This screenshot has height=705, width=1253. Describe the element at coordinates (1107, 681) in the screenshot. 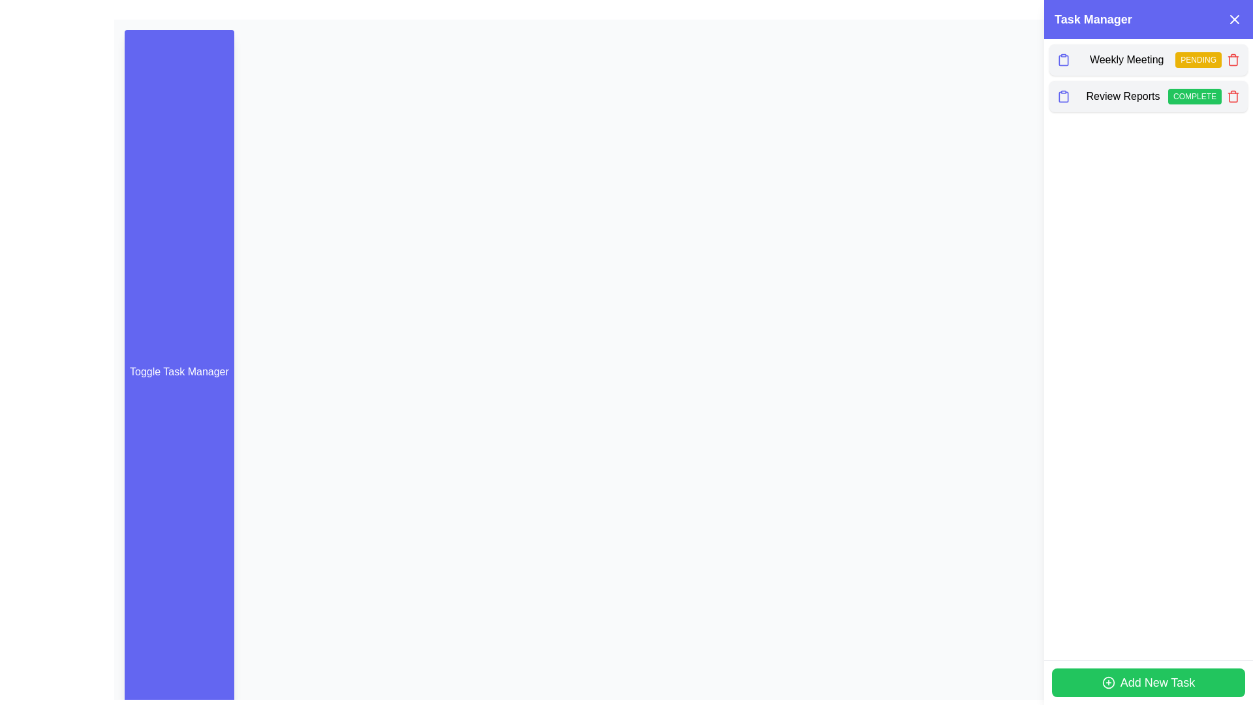

I see `the circular green icon with a plus sign, located within the 'Add New Task' button` at that location.